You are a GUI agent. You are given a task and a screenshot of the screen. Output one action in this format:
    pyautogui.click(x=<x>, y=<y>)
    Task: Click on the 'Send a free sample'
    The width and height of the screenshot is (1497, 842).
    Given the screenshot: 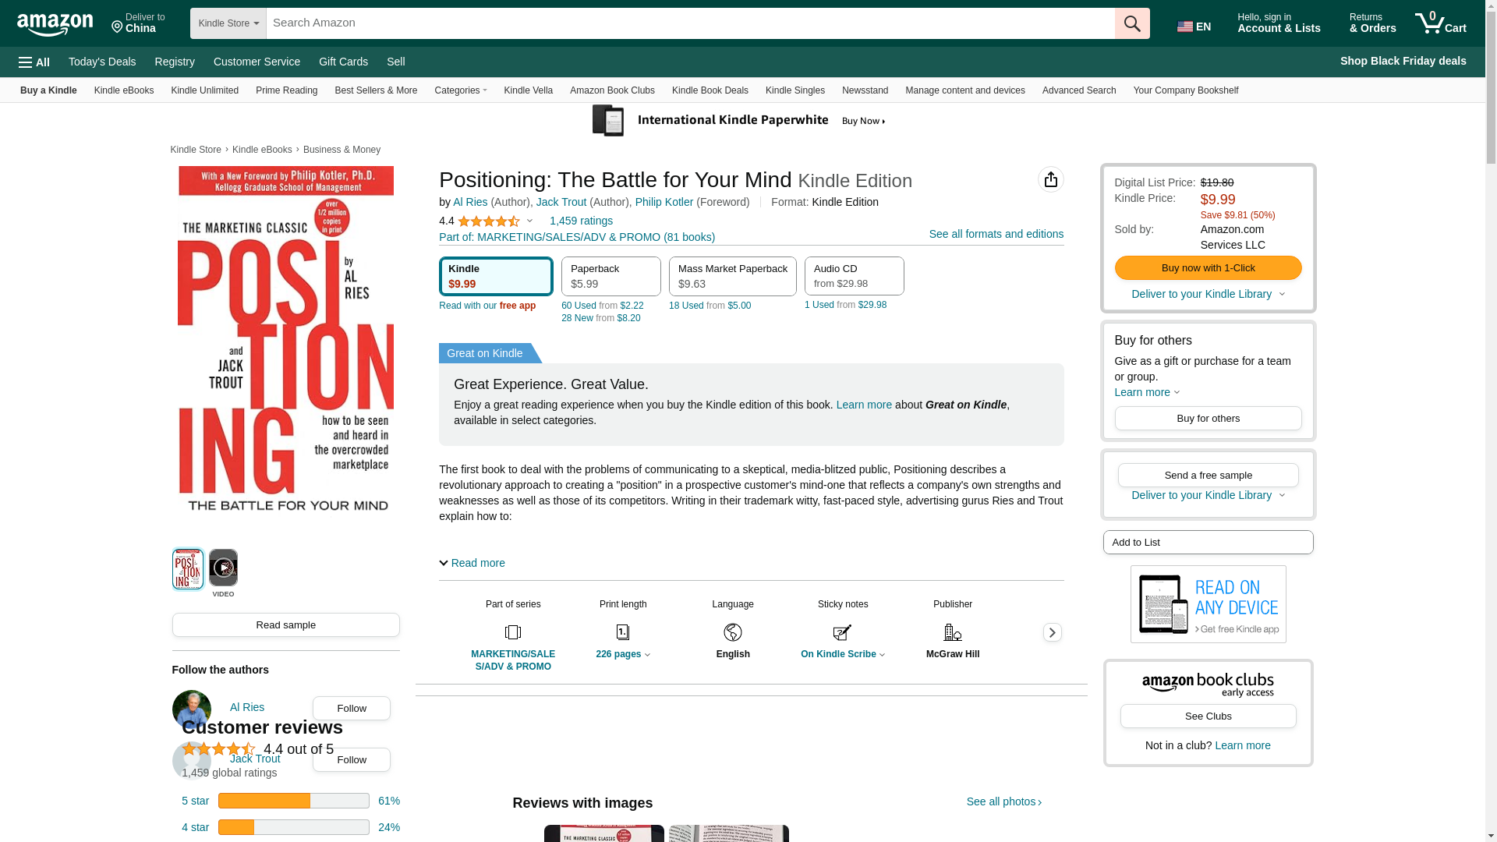 What is the action you would take?
    pyautogui.click(x=1207, y=474)
    